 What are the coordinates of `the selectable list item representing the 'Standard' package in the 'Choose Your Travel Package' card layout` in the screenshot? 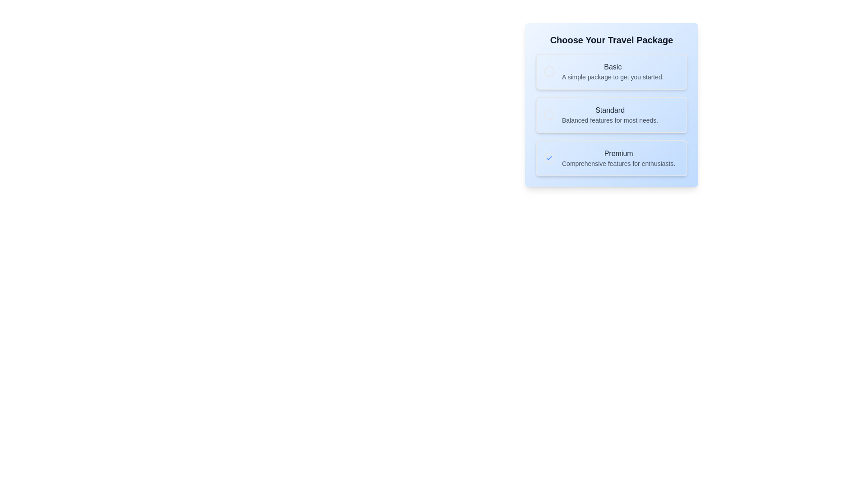 It's located at (612, 114).